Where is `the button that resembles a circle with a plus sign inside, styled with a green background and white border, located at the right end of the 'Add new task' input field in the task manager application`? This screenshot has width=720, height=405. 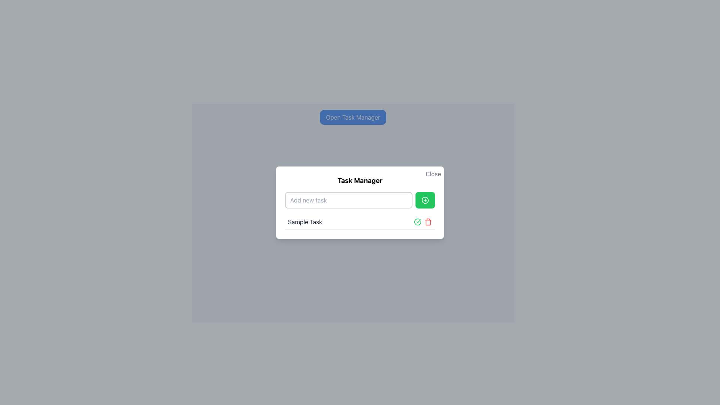
the button that resembles a circle with a plus sign inside, styled with a green background and white border, located at the right end of the 'Add new task' input field in the task manager application is located at coordinates (425, 199).